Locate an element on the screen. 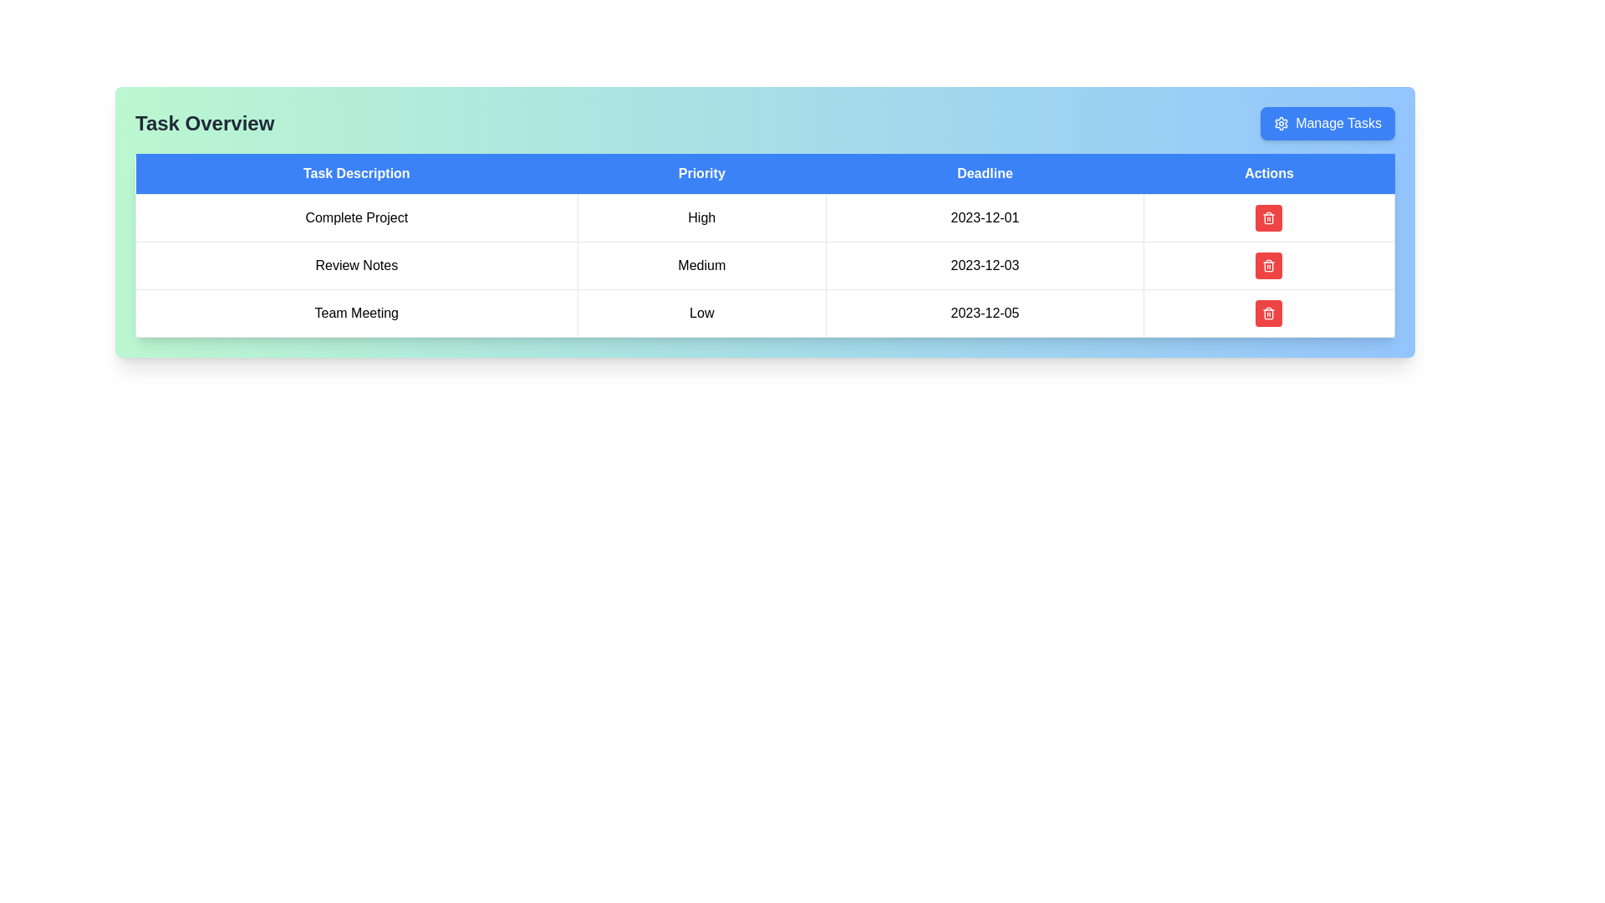  the text label indicating the priority level of the corresponding task in the second column of the first row in the 'Priority' section of the table is located at coordinates (701, 217).